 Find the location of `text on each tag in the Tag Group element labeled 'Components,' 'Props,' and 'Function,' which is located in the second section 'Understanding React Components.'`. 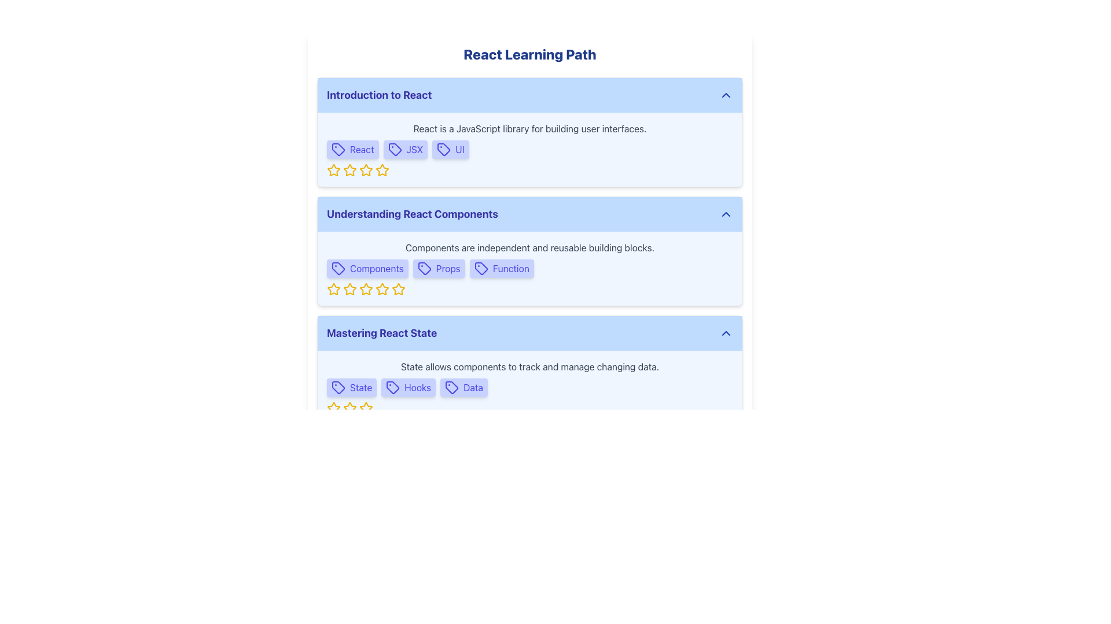

text on each tag in the Tag Group element labeled 'Components,' 'Props,' and 'Function,' which is located in the second section 'Understanding React Components.' is located at coordinates (529, 269).